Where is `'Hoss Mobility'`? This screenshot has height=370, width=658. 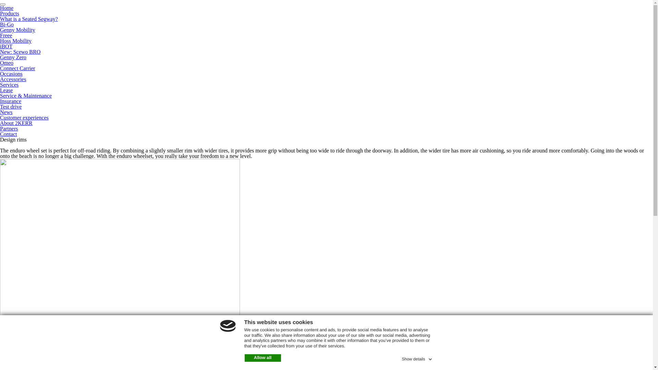 'Hoss Mobility' is located at coordinates (0, 41).